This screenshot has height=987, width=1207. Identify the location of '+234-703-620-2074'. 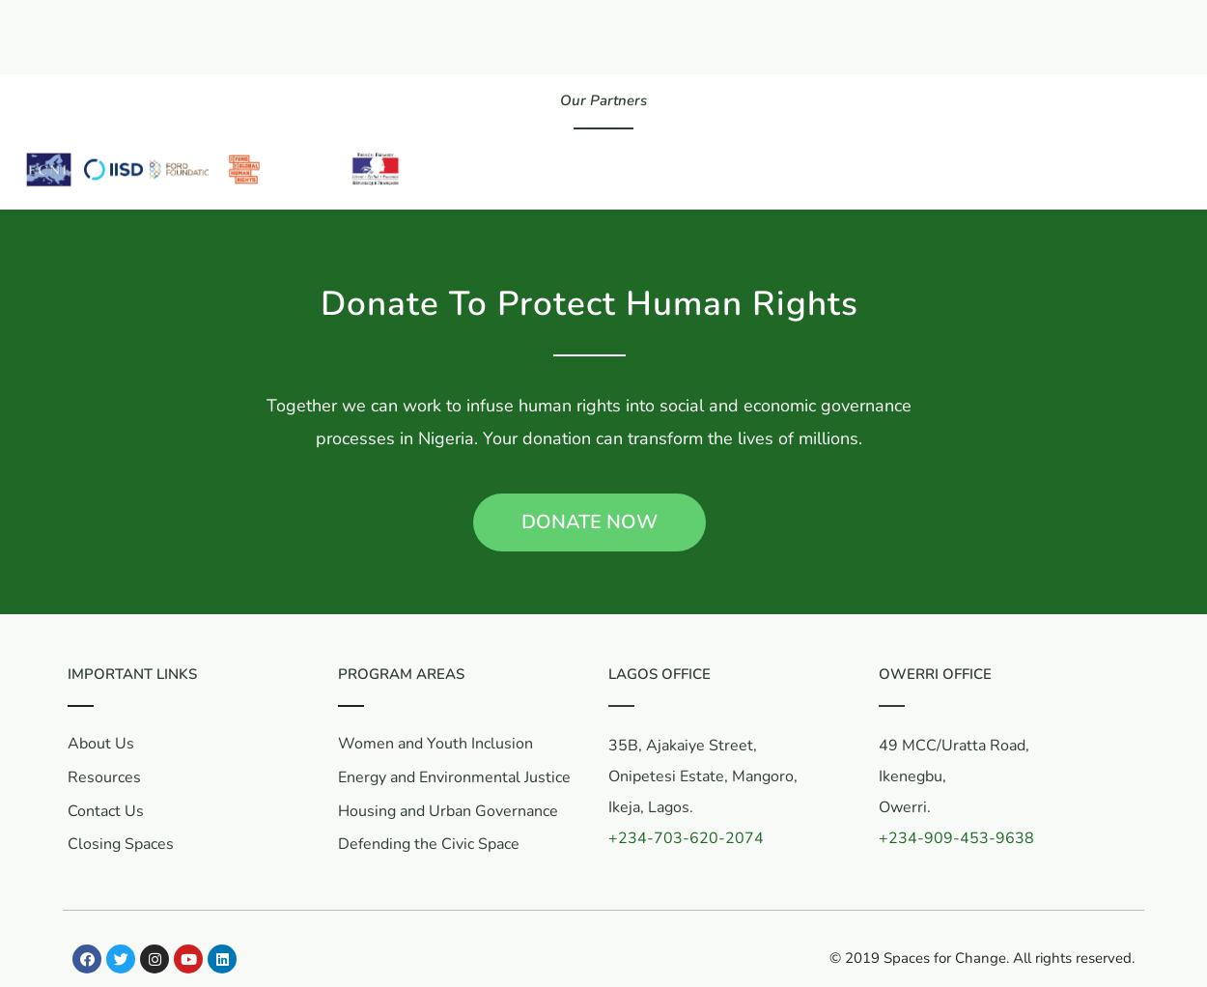
(685, 837).